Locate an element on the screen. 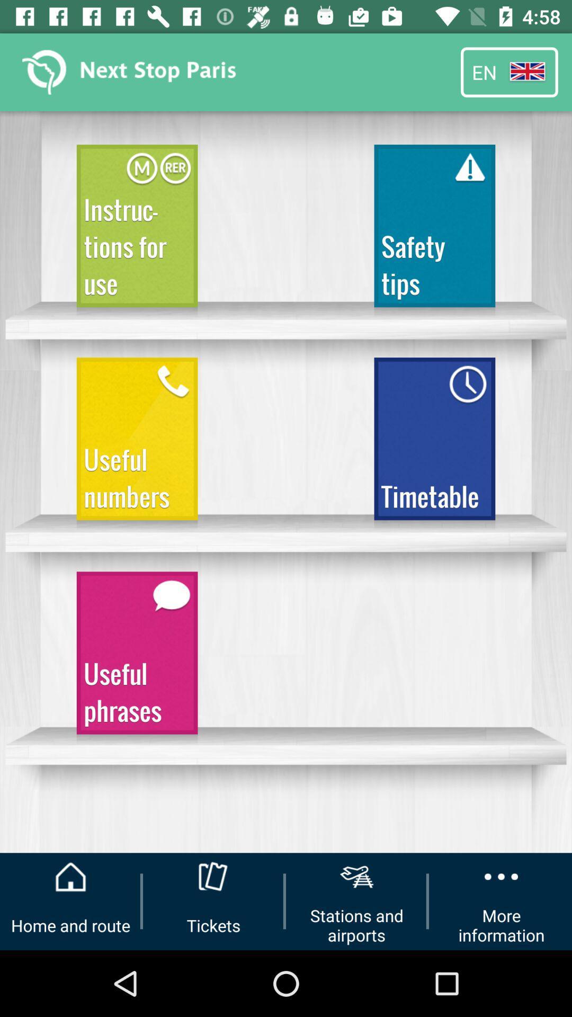 This screenshot has height=1017, width=572. the icon above the timetable icon is located at coordinates (434, 230).